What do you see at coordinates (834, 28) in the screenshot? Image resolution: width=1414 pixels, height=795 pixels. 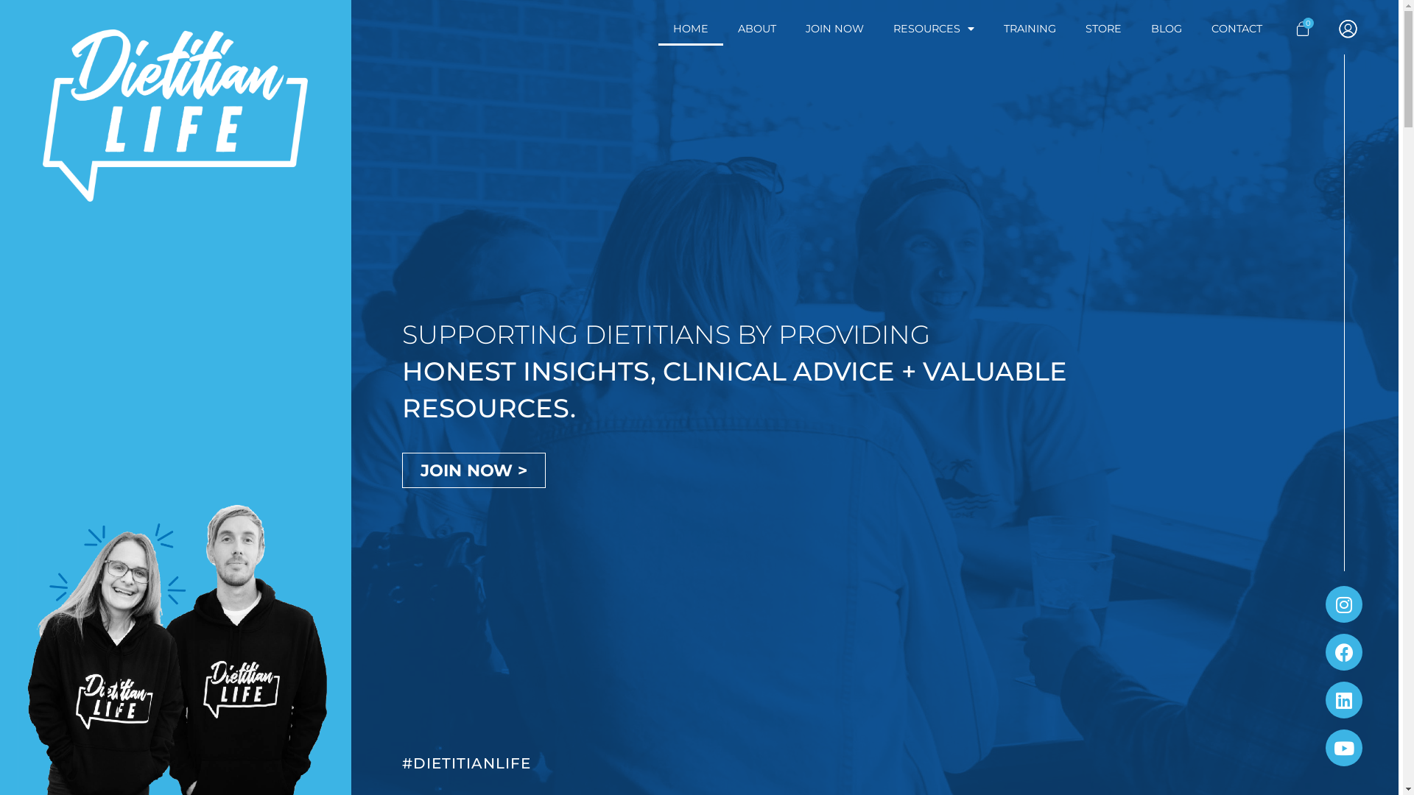 I see `'JOIN NOW'` at bounding box center [834, 28].